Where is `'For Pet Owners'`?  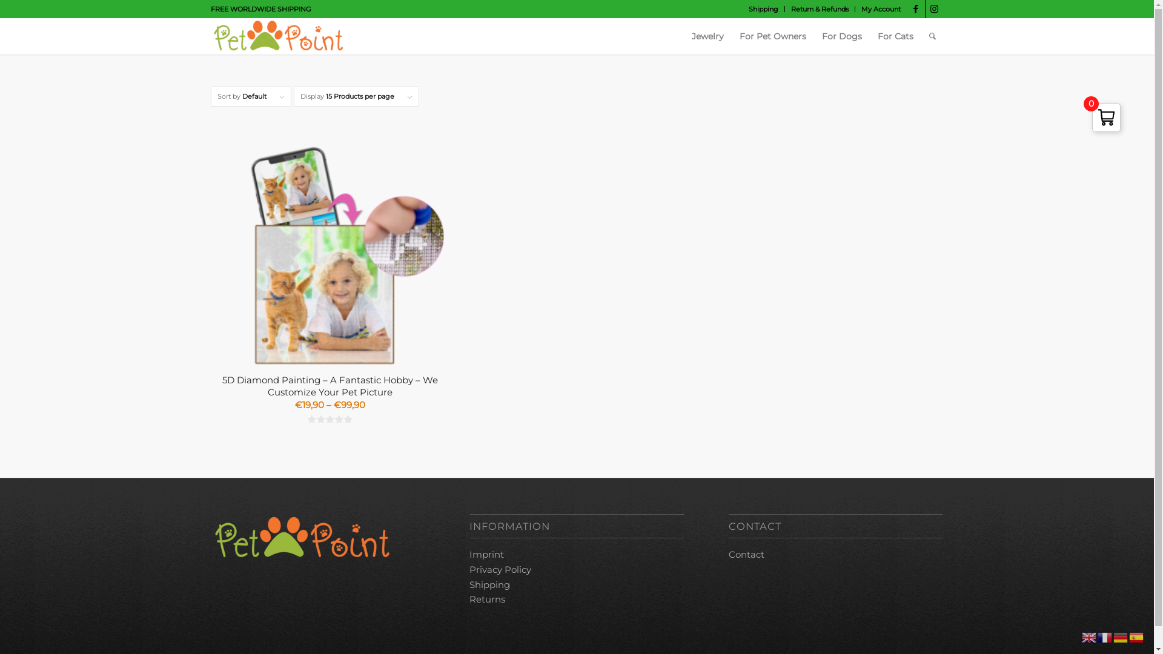 'For Pet Owners' is located at coordinates (772, 36).